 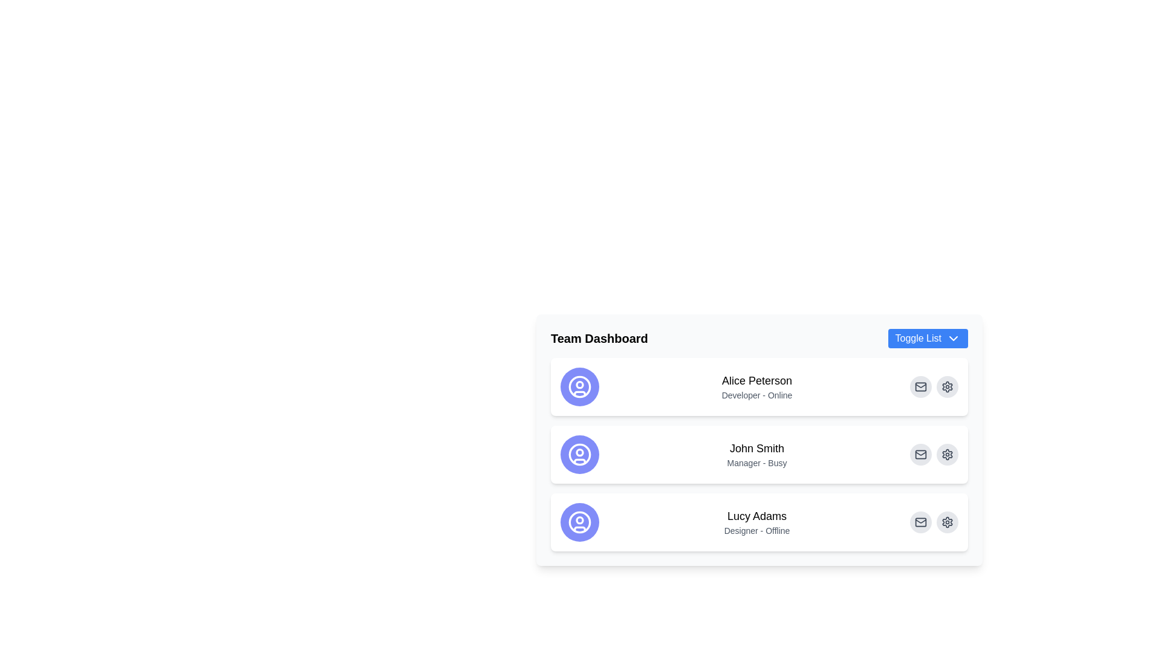 What do you see at coordinates (756, 448) in the screenshot?
I see `name displayed in the second entry of the user list in the 'Team Dashboard', located above the text 'Manager - Busy' and to the right of the user avatar icon` at bounding box center [756, 448].